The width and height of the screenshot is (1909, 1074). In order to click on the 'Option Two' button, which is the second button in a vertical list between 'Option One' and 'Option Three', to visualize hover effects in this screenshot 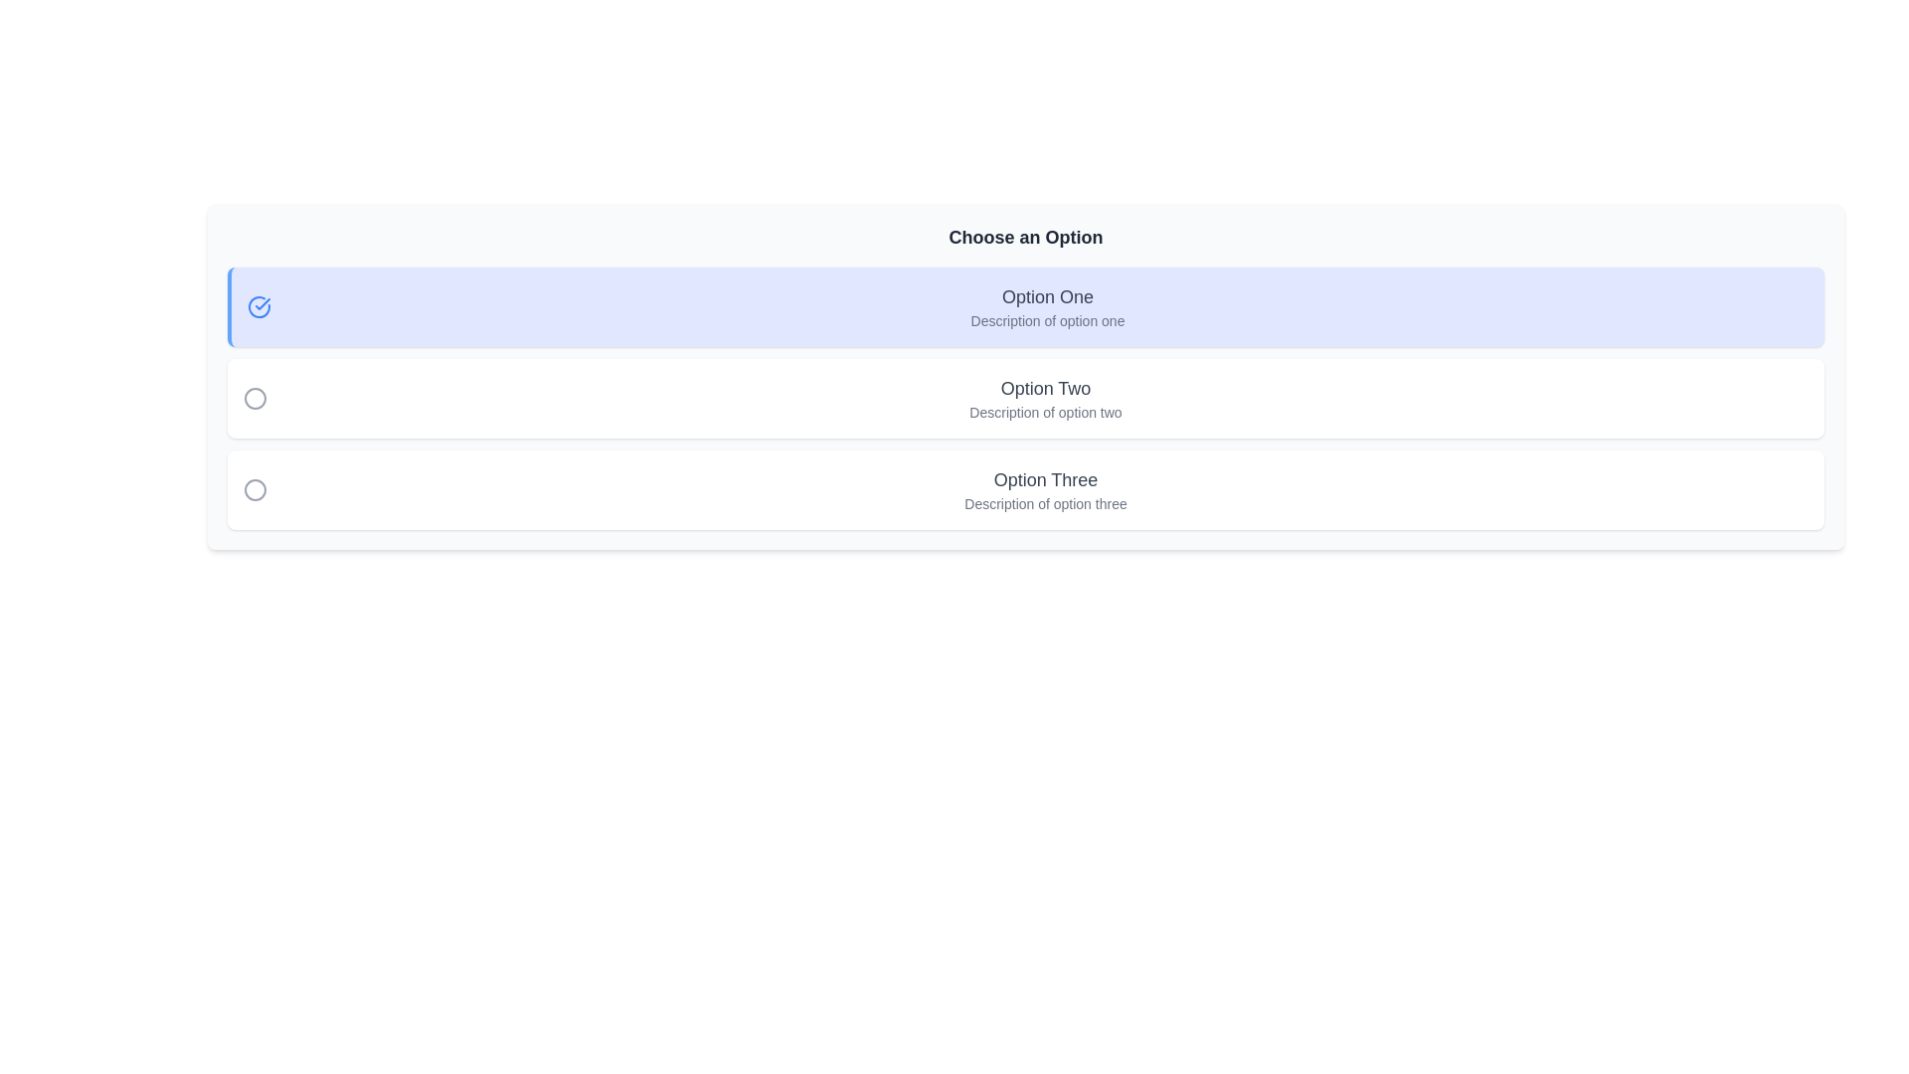, I will do `click(1026, 399)`.